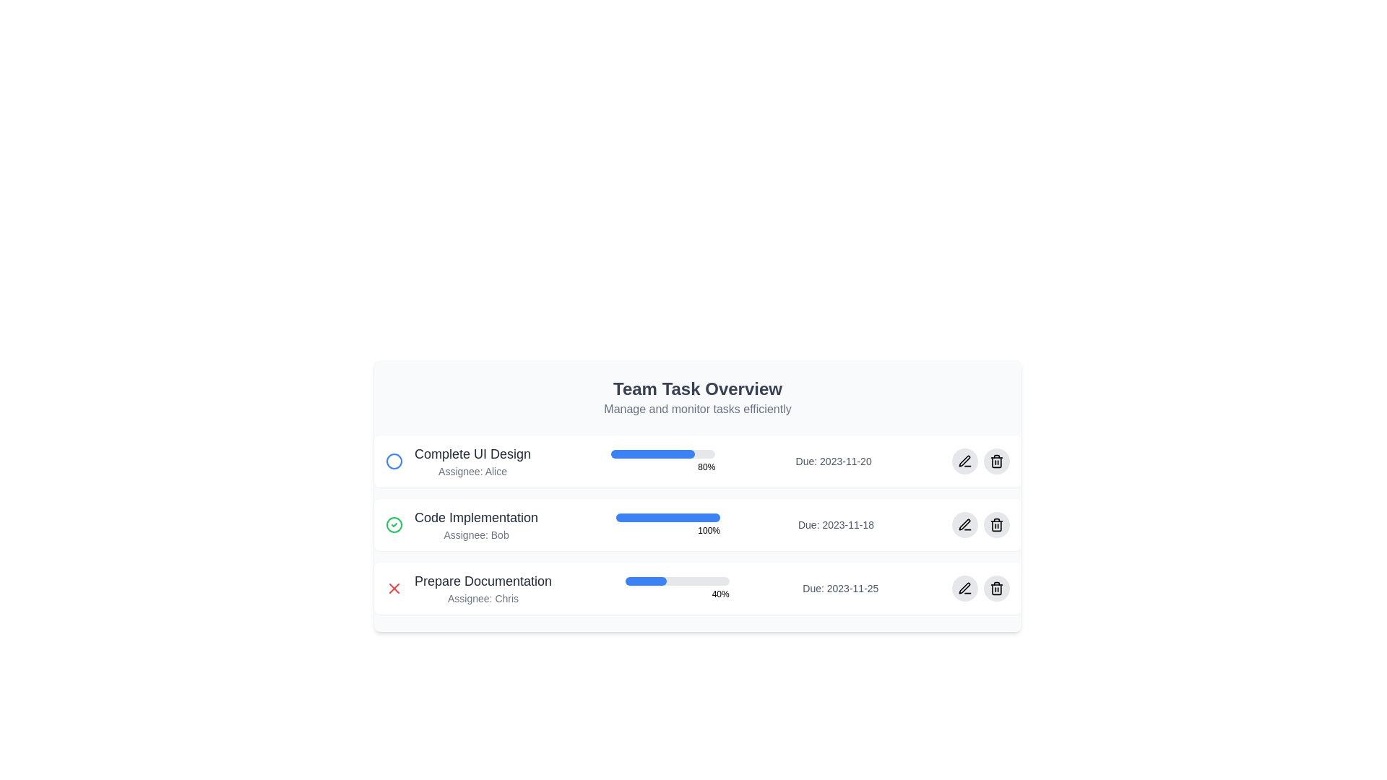 This screenshot has width=1387, height=780. Describe the element at coordinates (995, 589) in the screenshot. I see `the middle vertical section of the trash can icon representing the delete action in the 'Prepare Documentation' task row` at that location.